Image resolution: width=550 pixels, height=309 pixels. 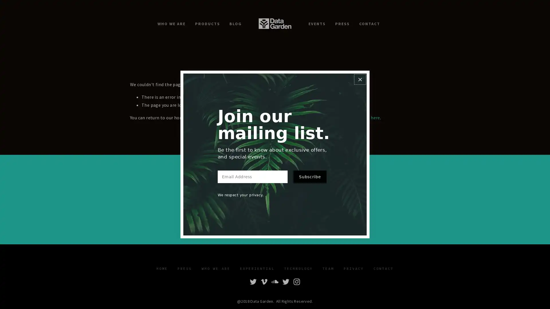 What do you see at coordinates (309, 176) in the screenshot?
I see `Subscribe` at bounding box center [309, 176].